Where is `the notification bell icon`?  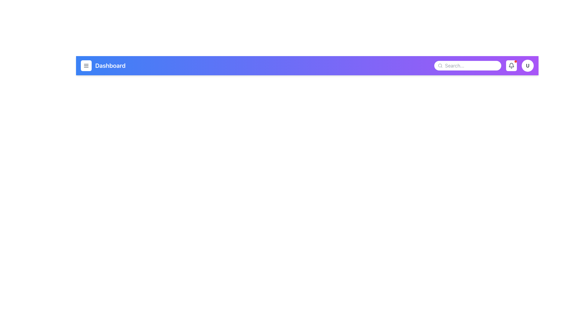 the notification bell icon is located at coordinates (511, 66).